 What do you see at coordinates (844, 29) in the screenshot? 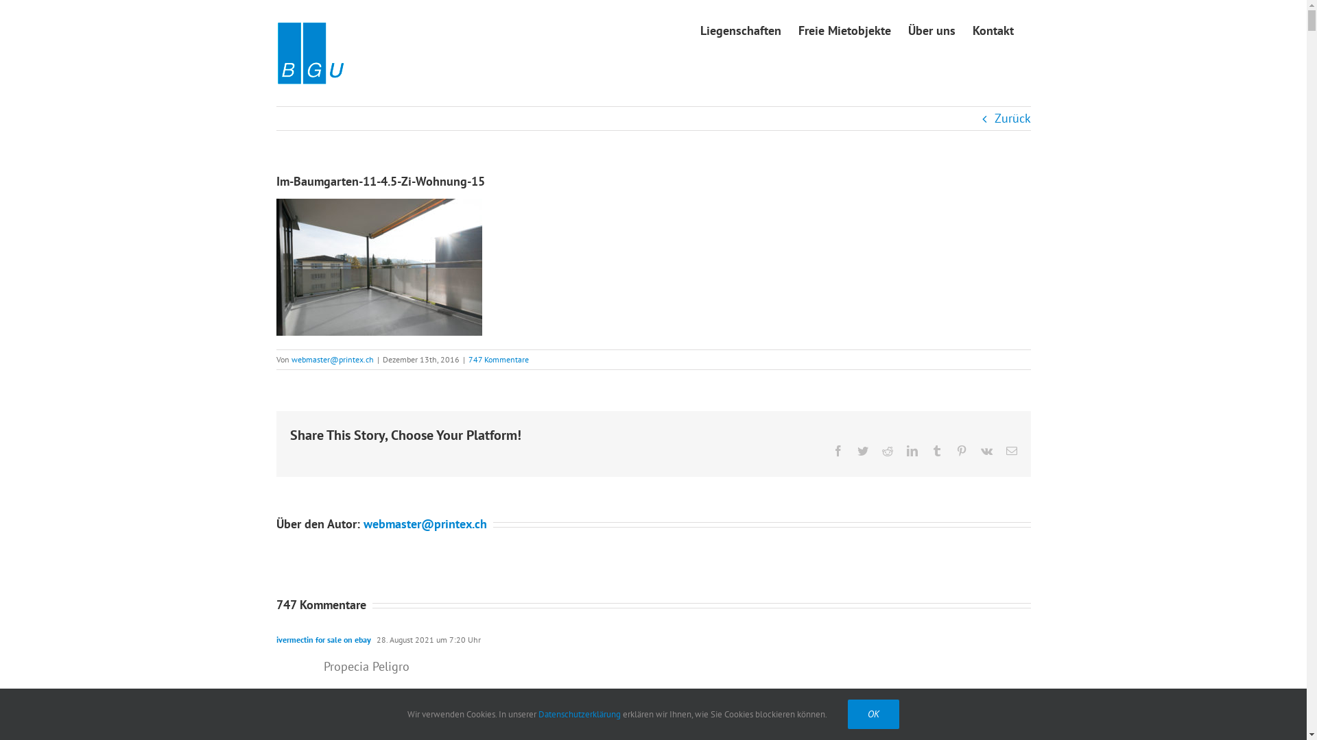
I see `'Freie Mietobjekte'` at bounding box center [844, 29].